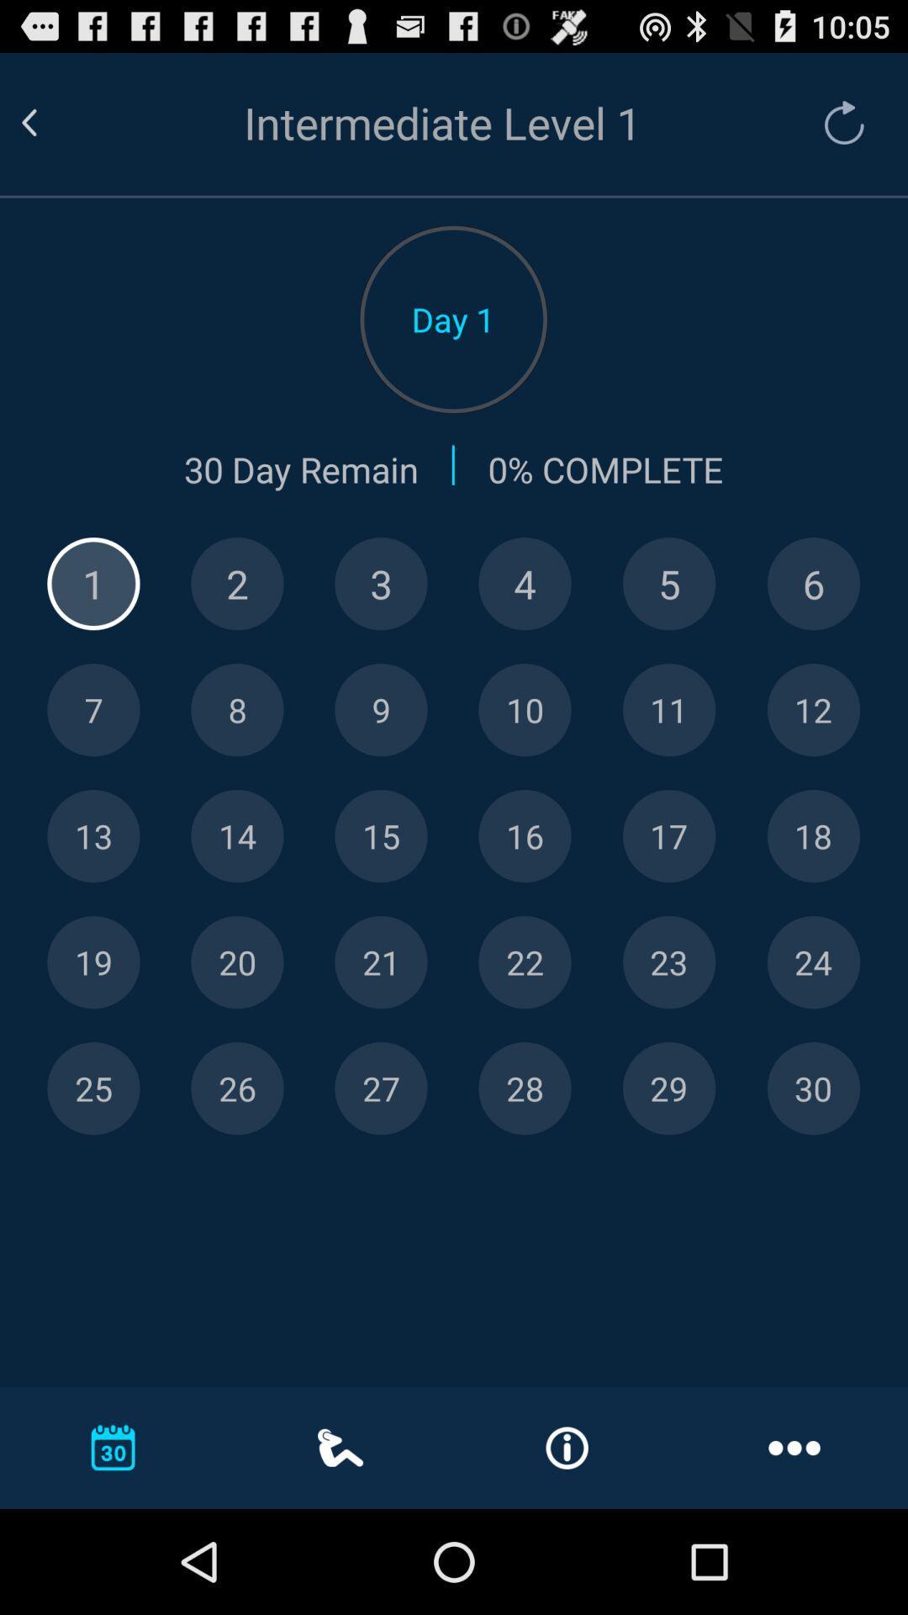 This screenshot has height=1615, width=908. I want to click on show day 28, so click(524, 1088).